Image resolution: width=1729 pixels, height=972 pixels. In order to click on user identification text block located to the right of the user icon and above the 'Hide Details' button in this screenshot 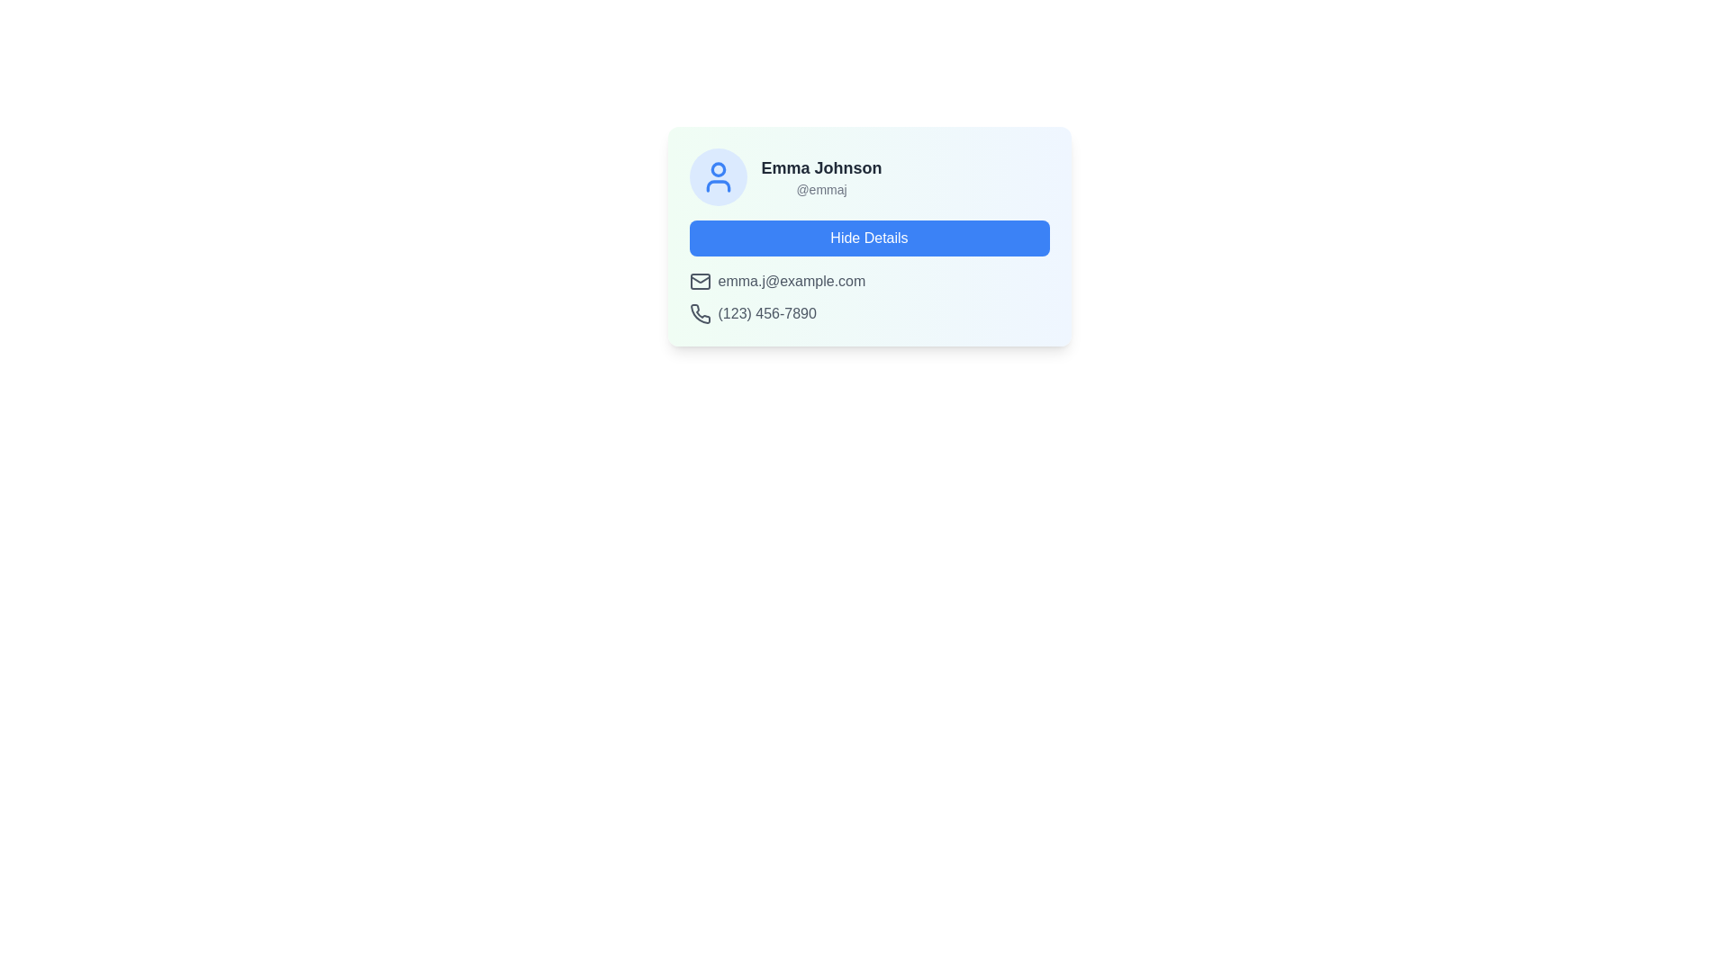, I will do `click(820, 176)`.